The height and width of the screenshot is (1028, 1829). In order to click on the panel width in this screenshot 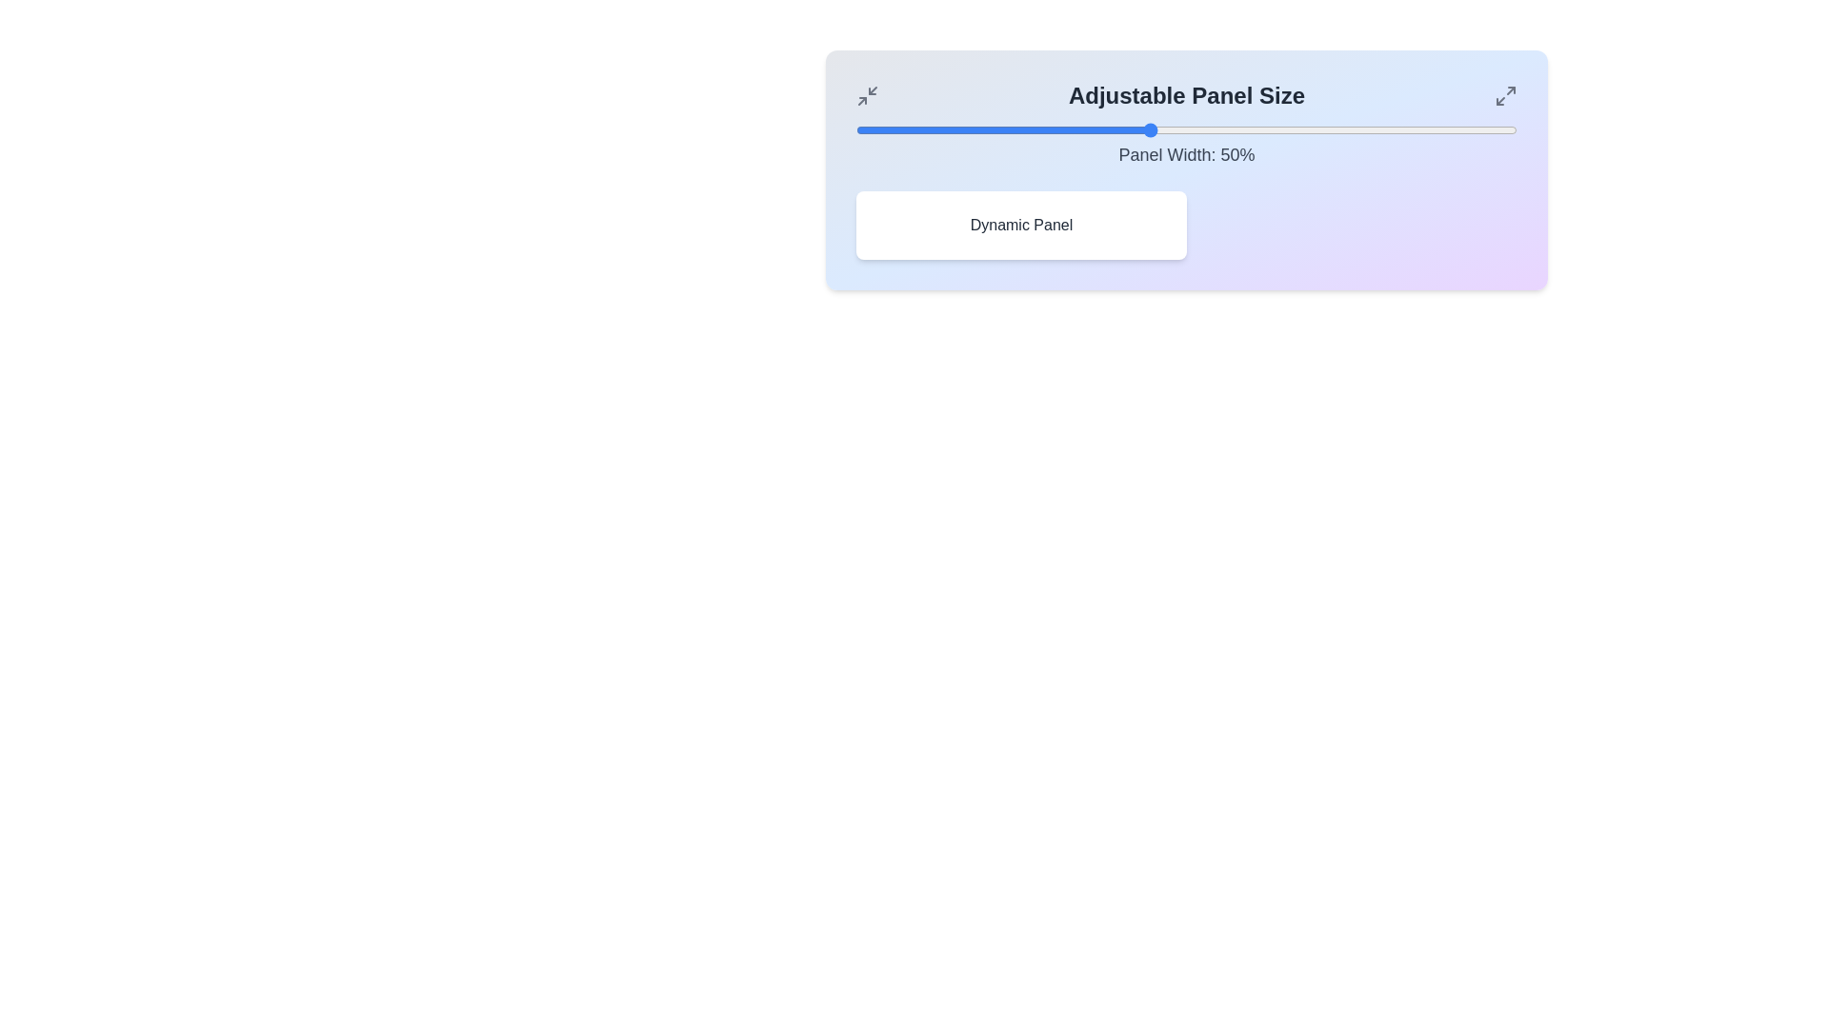, I will do `click(1472, 129)`.